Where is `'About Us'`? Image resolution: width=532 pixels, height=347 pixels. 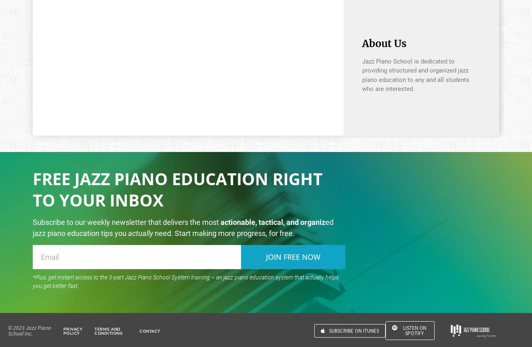 'About Us' is located at coordinates (383, 43).